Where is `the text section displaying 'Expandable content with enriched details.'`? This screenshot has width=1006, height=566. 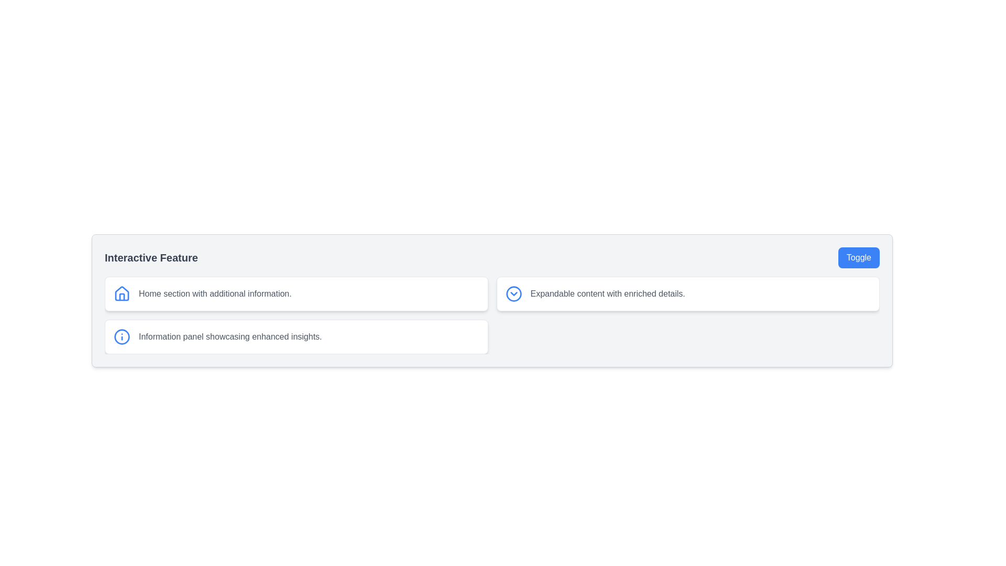 the text section displaying 'Expandable content with enriched details.' is located at coordinates (608, 293).